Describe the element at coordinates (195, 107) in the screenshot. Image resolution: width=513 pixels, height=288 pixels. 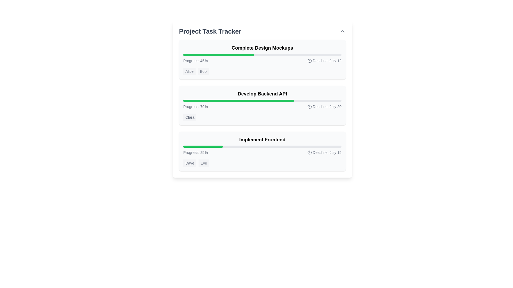
I see `text displayed on the 'Progress: 70%' label located in the 'Develop Backend API' task card, specifically in the progress and deadline section` at that location.